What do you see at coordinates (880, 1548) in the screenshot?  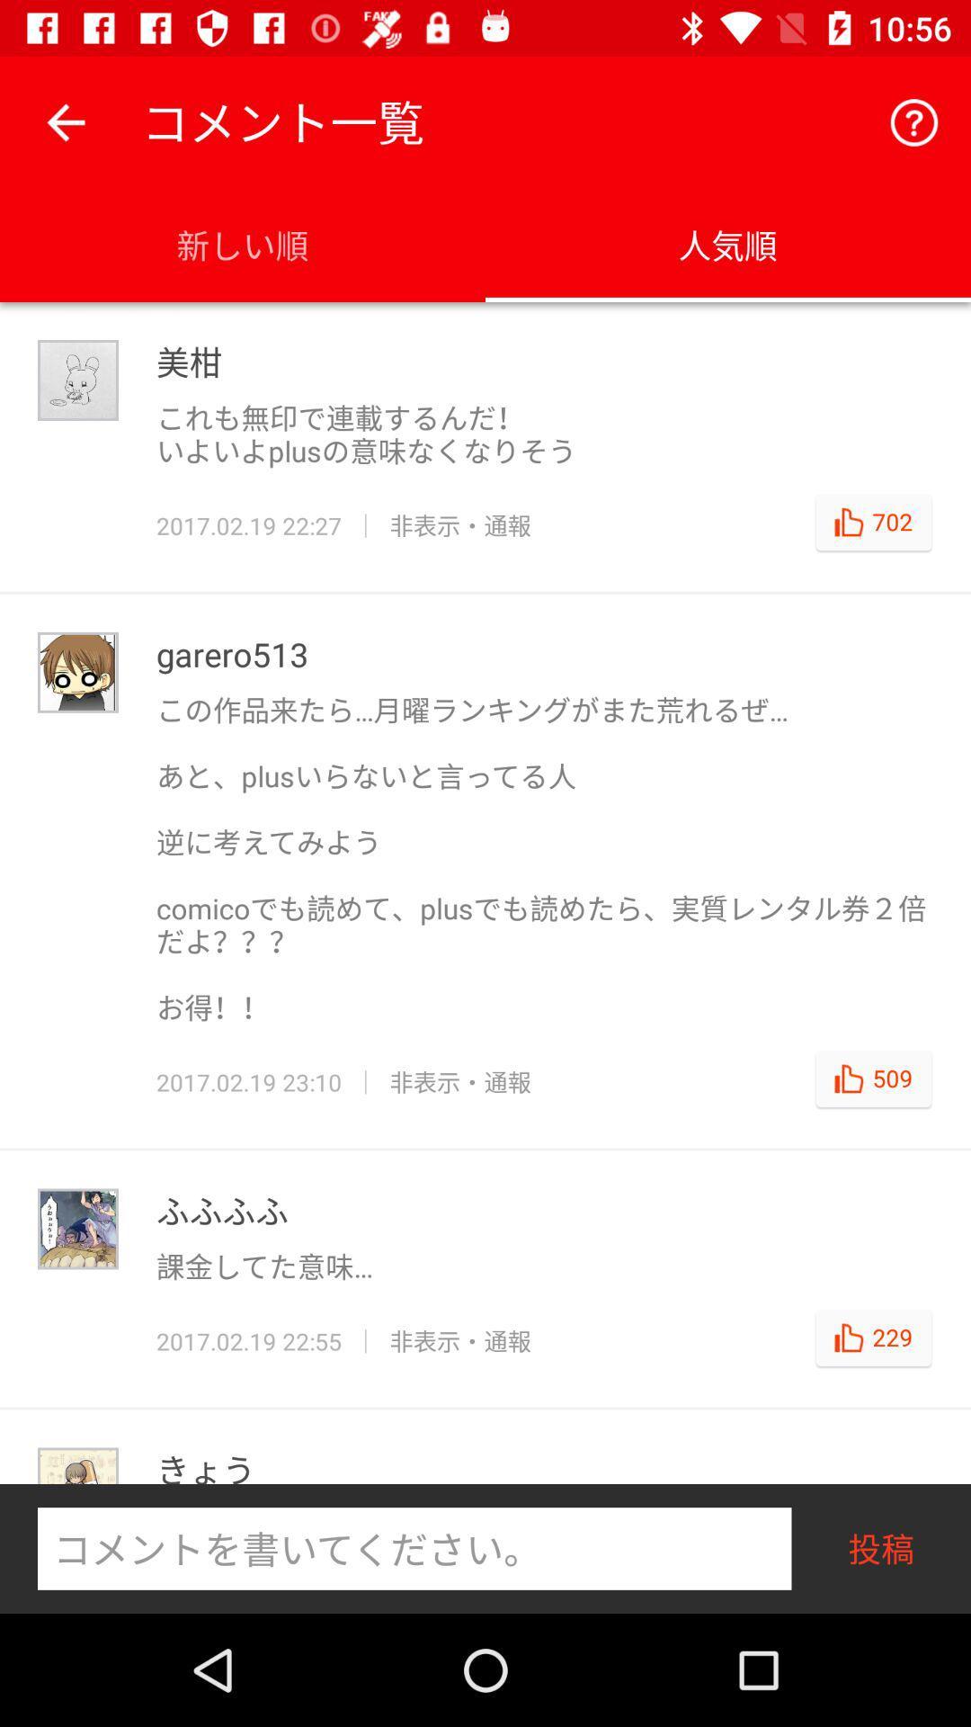 I see `the text which is right to the text field at the bottom right corner` at bounding box center [880, 1548].